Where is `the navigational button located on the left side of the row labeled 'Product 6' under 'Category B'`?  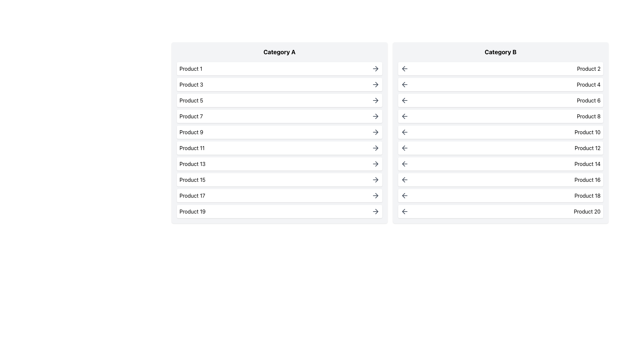
the navigational button located on the left side of the row labeled 'Product 6' under 'Category B' is located at coordinates (404, 100).